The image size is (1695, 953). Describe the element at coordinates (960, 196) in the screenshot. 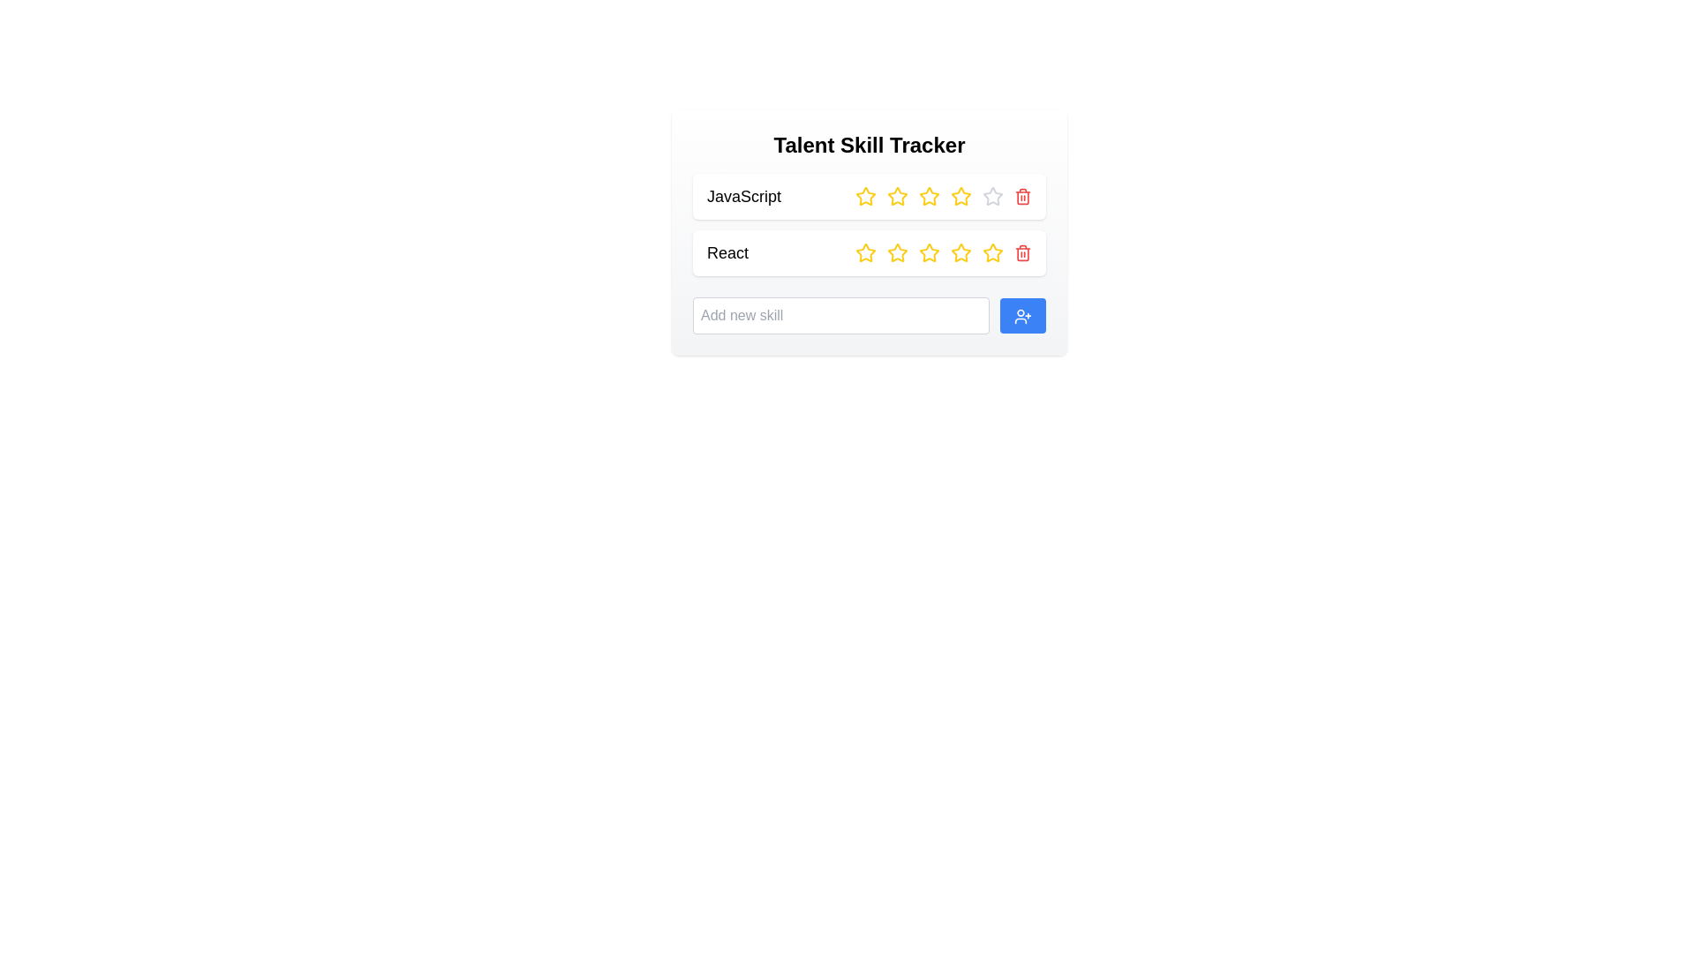

I see `on the highlighted yellow star rating icon, which is the fourth star in the JavaScript row of the rating system` at that location.